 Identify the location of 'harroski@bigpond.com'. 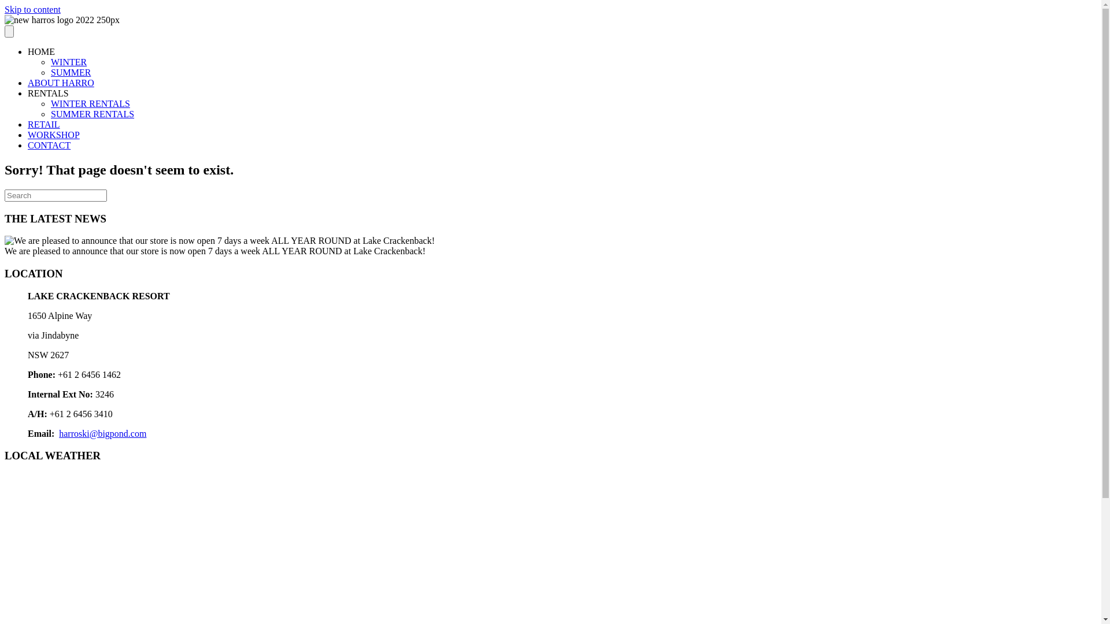
(102, 433).